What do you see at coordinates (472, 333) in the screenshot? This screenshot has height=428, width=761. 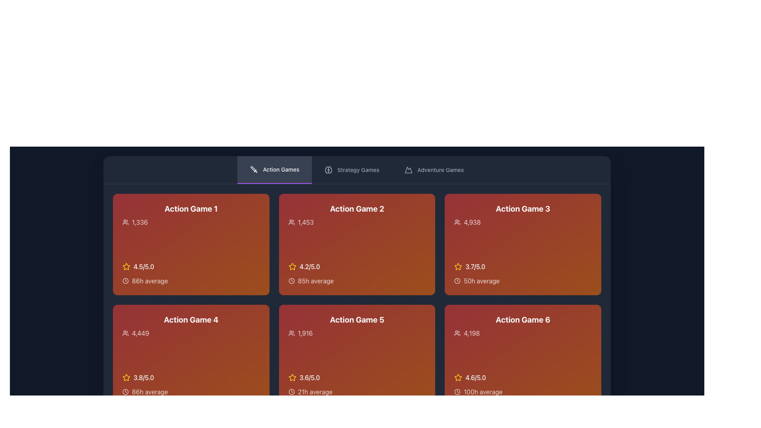 I see `the text label displaying the number '4,198' in white color, which is positioned in the lower-right corner of the 'Action Game 6' tile, to the left of the '4.6/5.0' rating` at bounding box center [472, 333].